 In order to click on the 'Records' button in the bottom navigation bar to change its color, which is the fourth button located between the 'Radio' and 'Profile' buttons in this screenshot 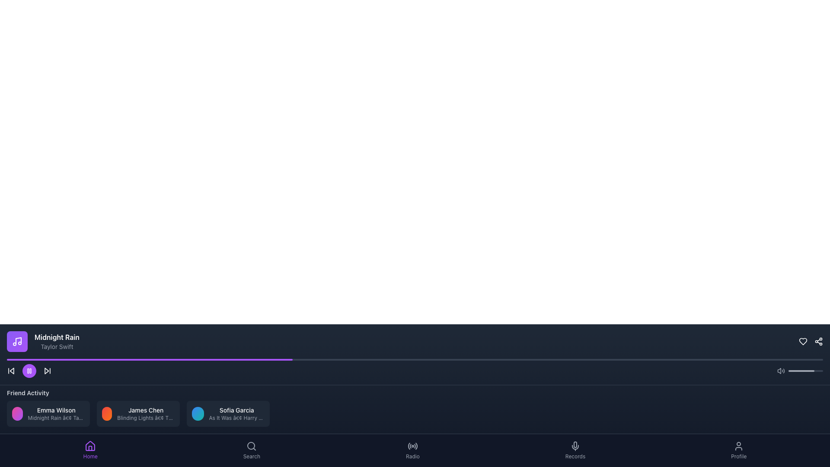, I will do `click(575, 450)`.